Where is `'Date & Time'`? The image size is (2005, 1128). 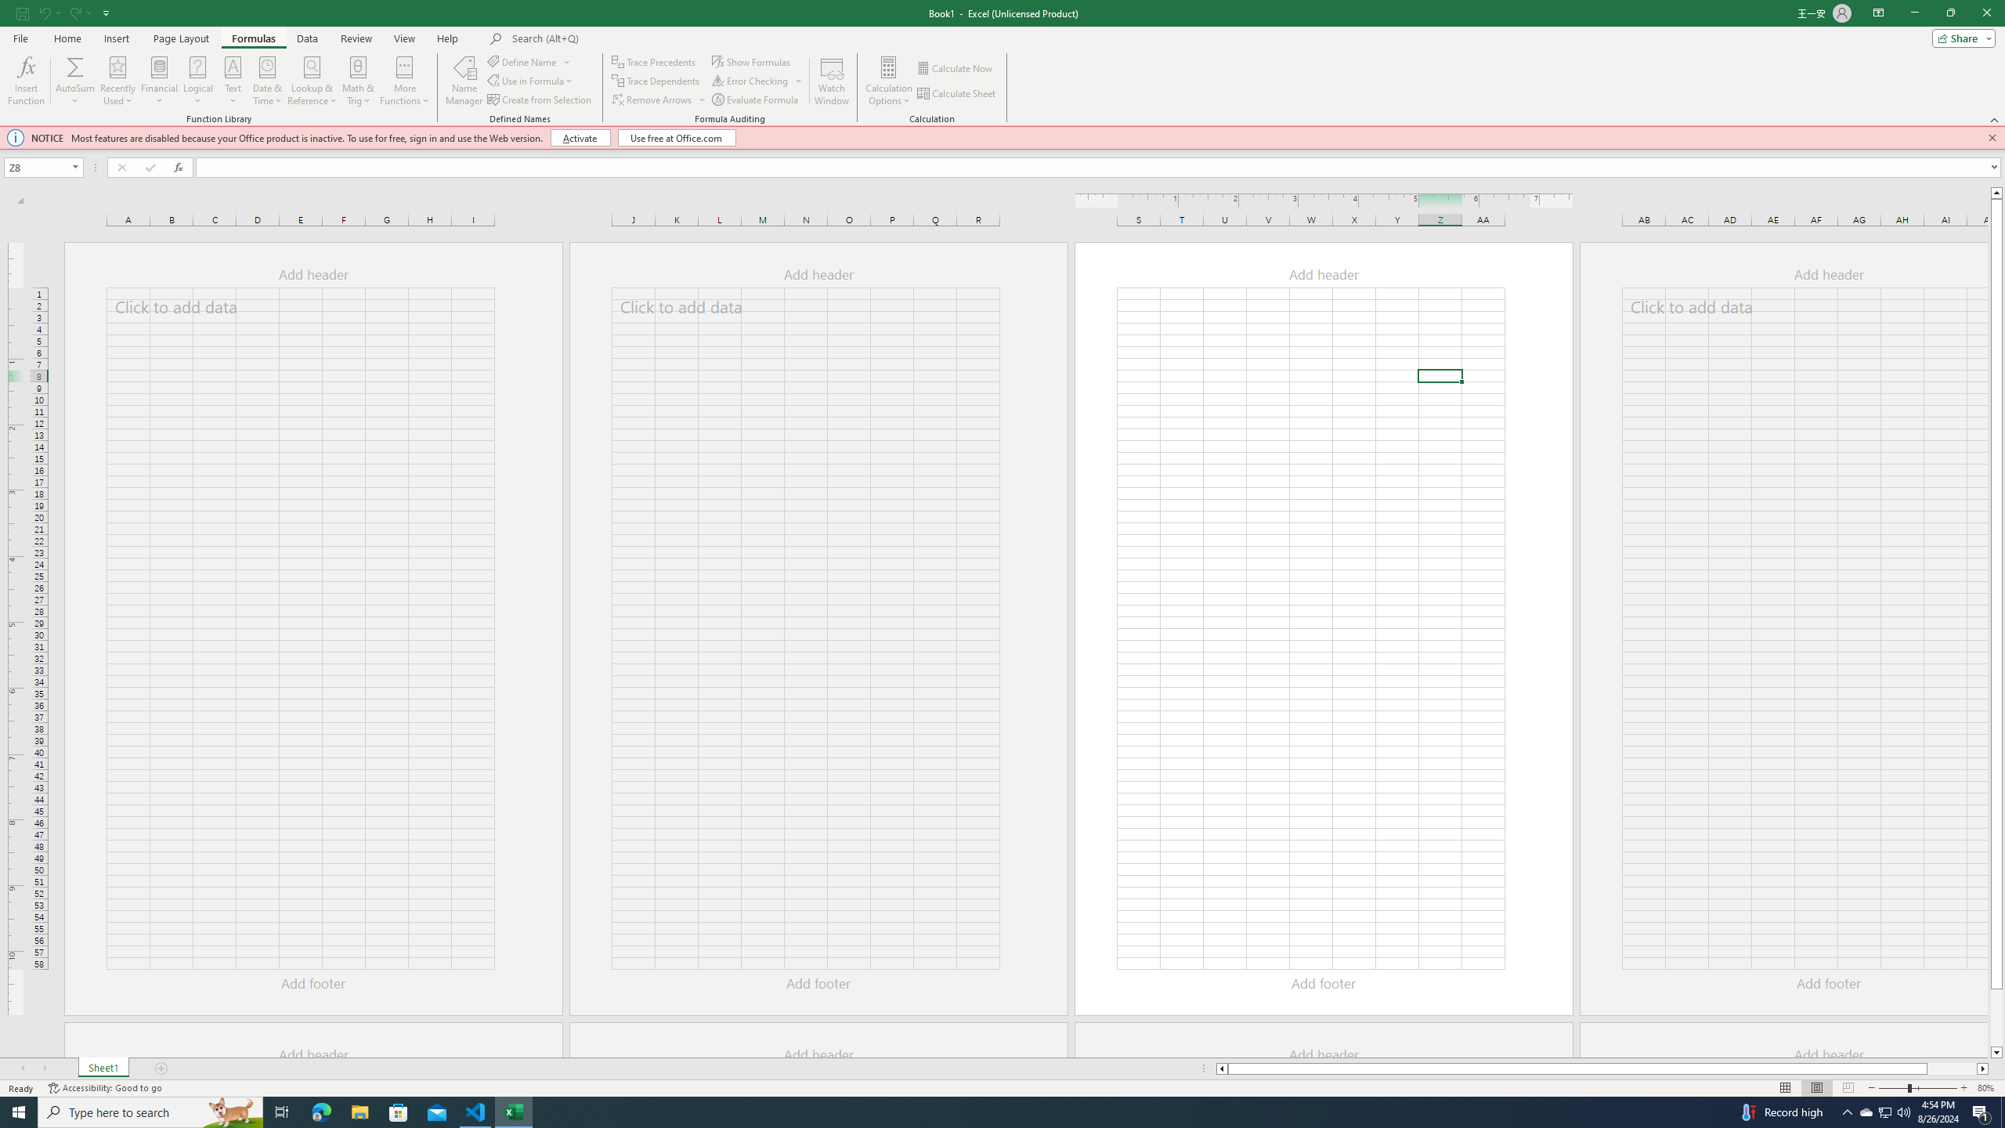
'Date & Time' is located at coordinates (267, 81).